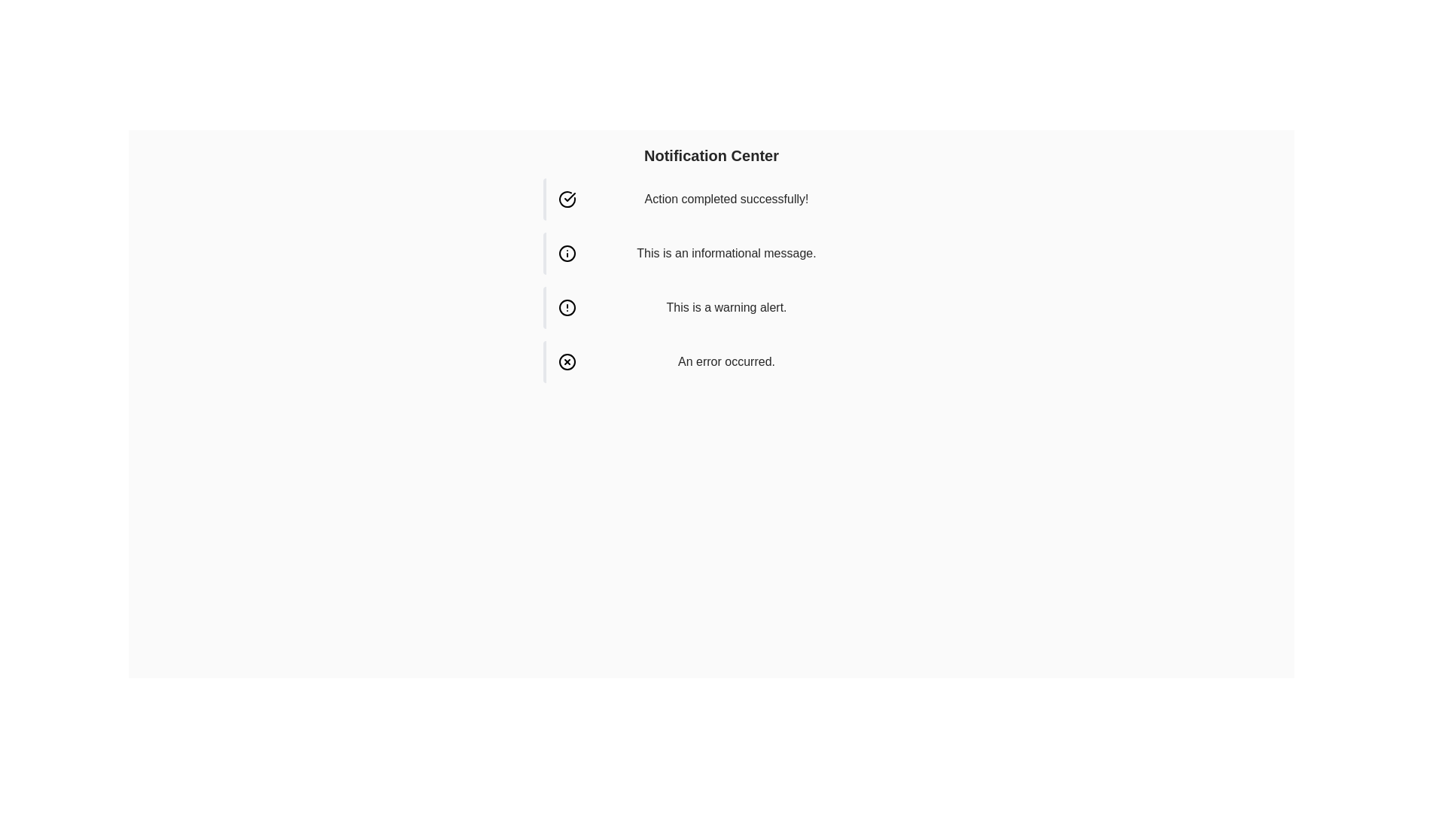 This screenshot has height=813, width=1445. What do you see at coordinates (710, 362) in the screenshot?
I see `the error notification message that has a red left border and a light red background, displaying the text 'An error occurred.'` at bounding box center [710, 362].